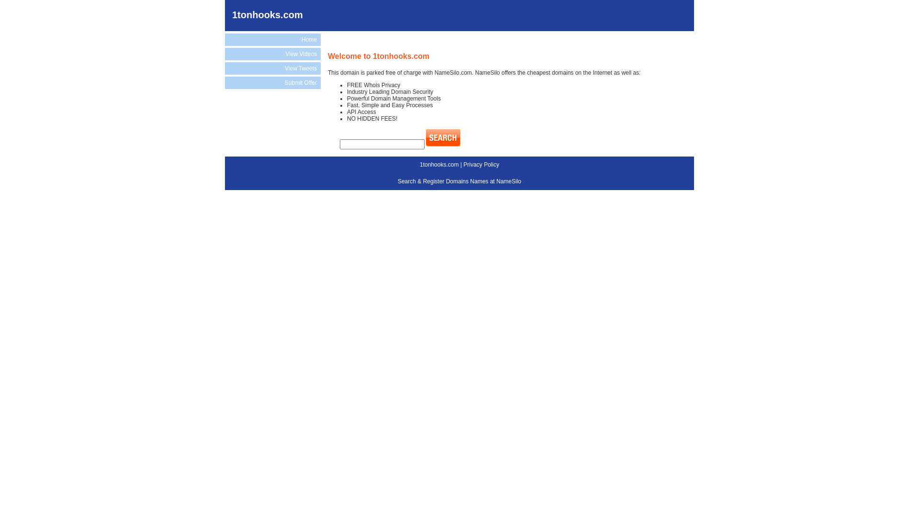  I want to click on 'View Videos', so click(224, 54).